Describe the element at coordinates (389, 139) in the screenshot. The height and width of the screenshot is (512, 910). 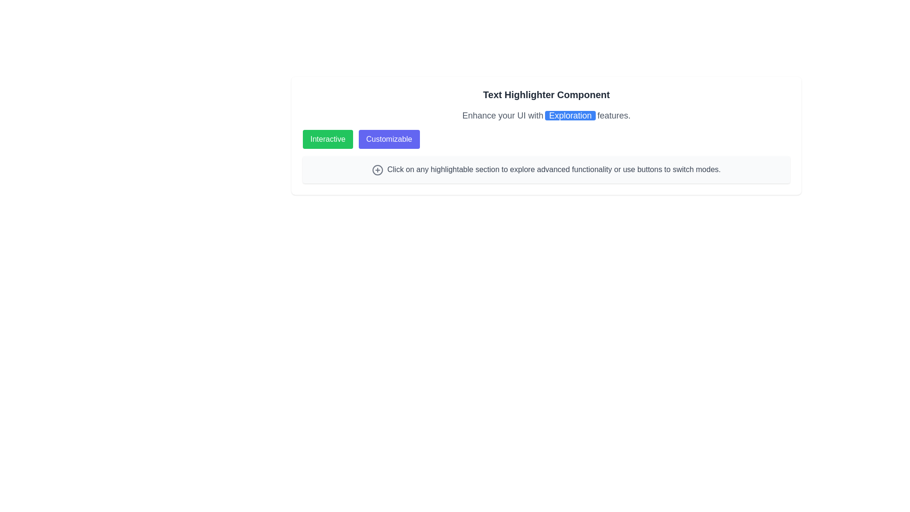
I see `the button labeled 'Customizable', which has a purple background and white text` at that location.